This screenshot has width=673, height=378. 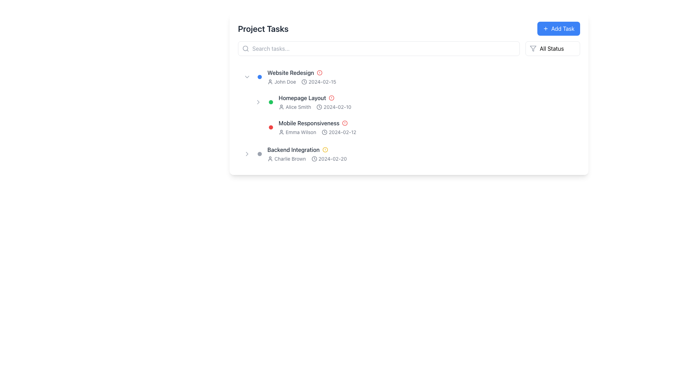 What do you see at coordinates (304, 82) in the screenshot?
I see `the clock icon represented by a vector graphic circle shape located to the left of the text '2024-02-15' associated with the 'Website Redesign' task` at bounding box center [304, 82].